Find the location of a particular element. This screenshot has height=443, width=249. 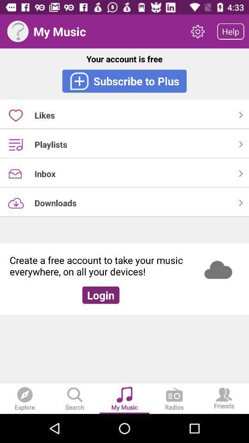

picture is located at coordinates (18, 31).